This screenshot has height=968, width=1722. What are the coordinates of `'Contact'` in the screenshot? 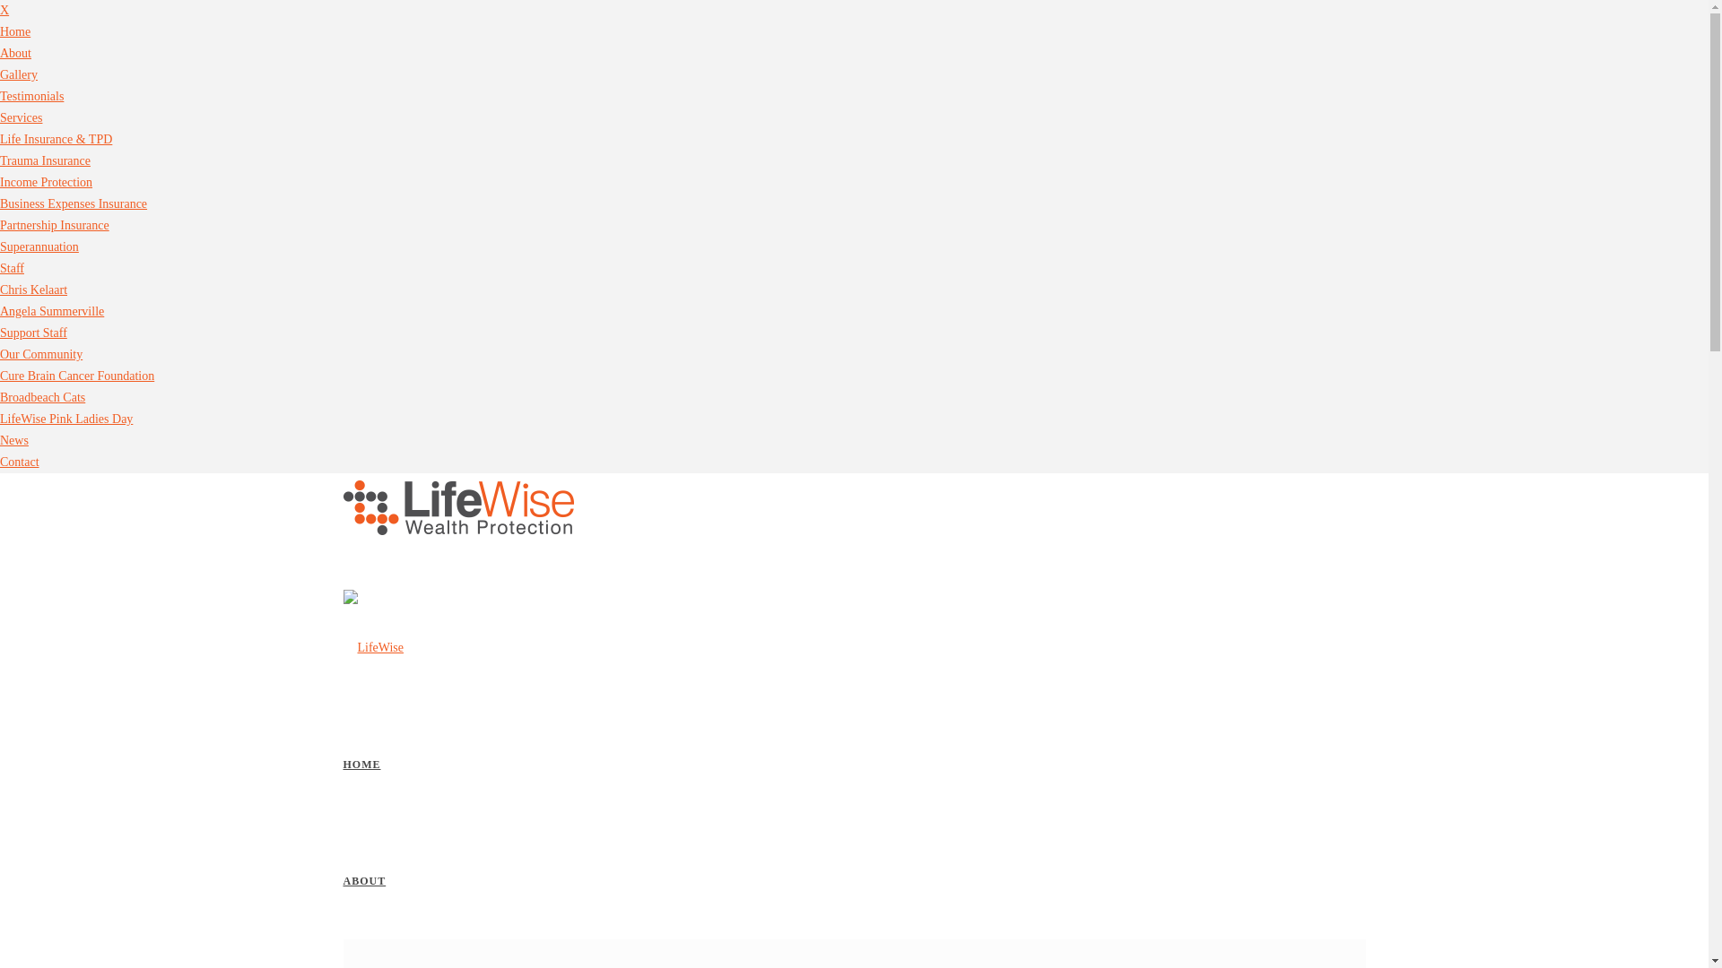 It's located at (20, 461).